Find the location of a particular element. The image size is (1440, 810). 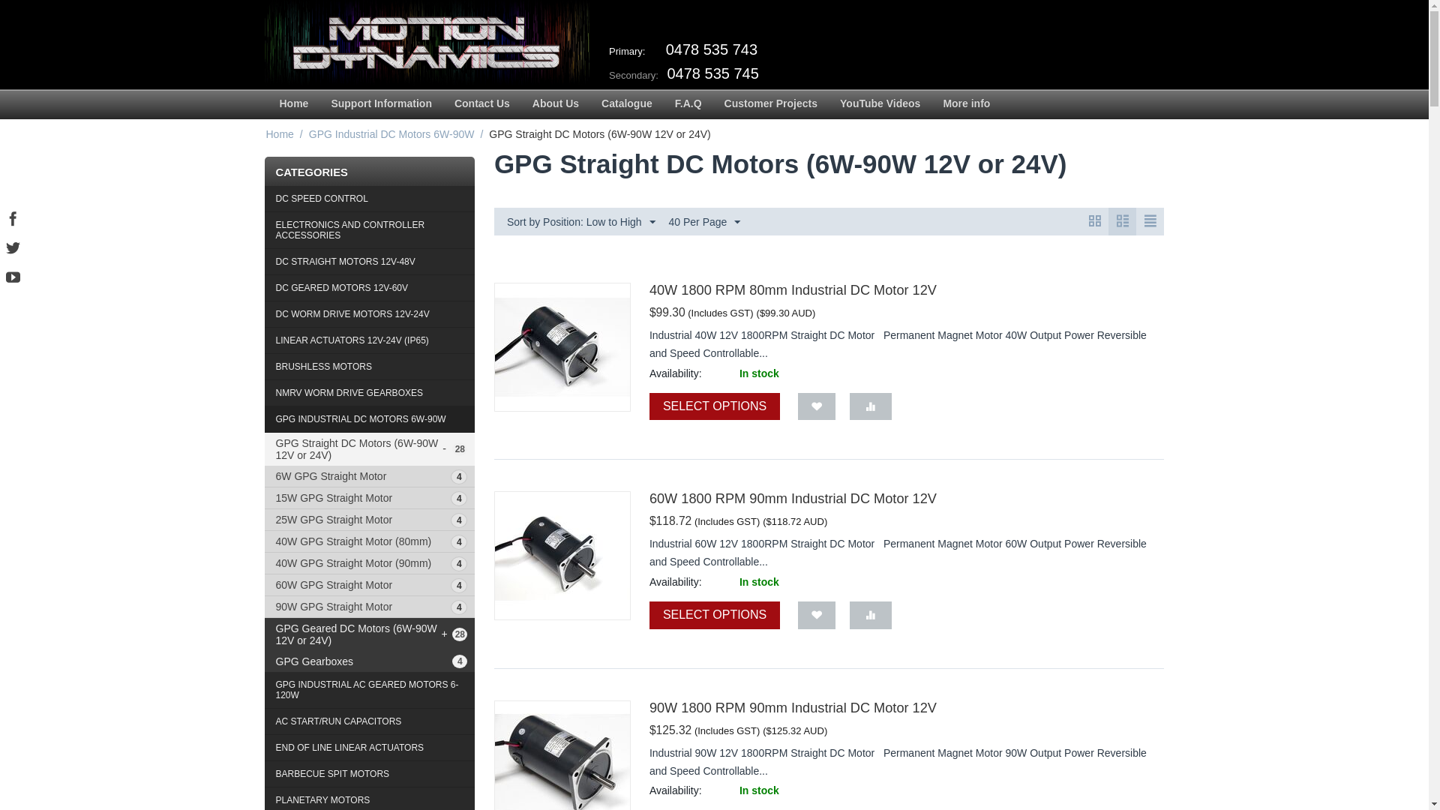

'BARBECUE SPIT MOTORS' is located at coordinates (369, 774).